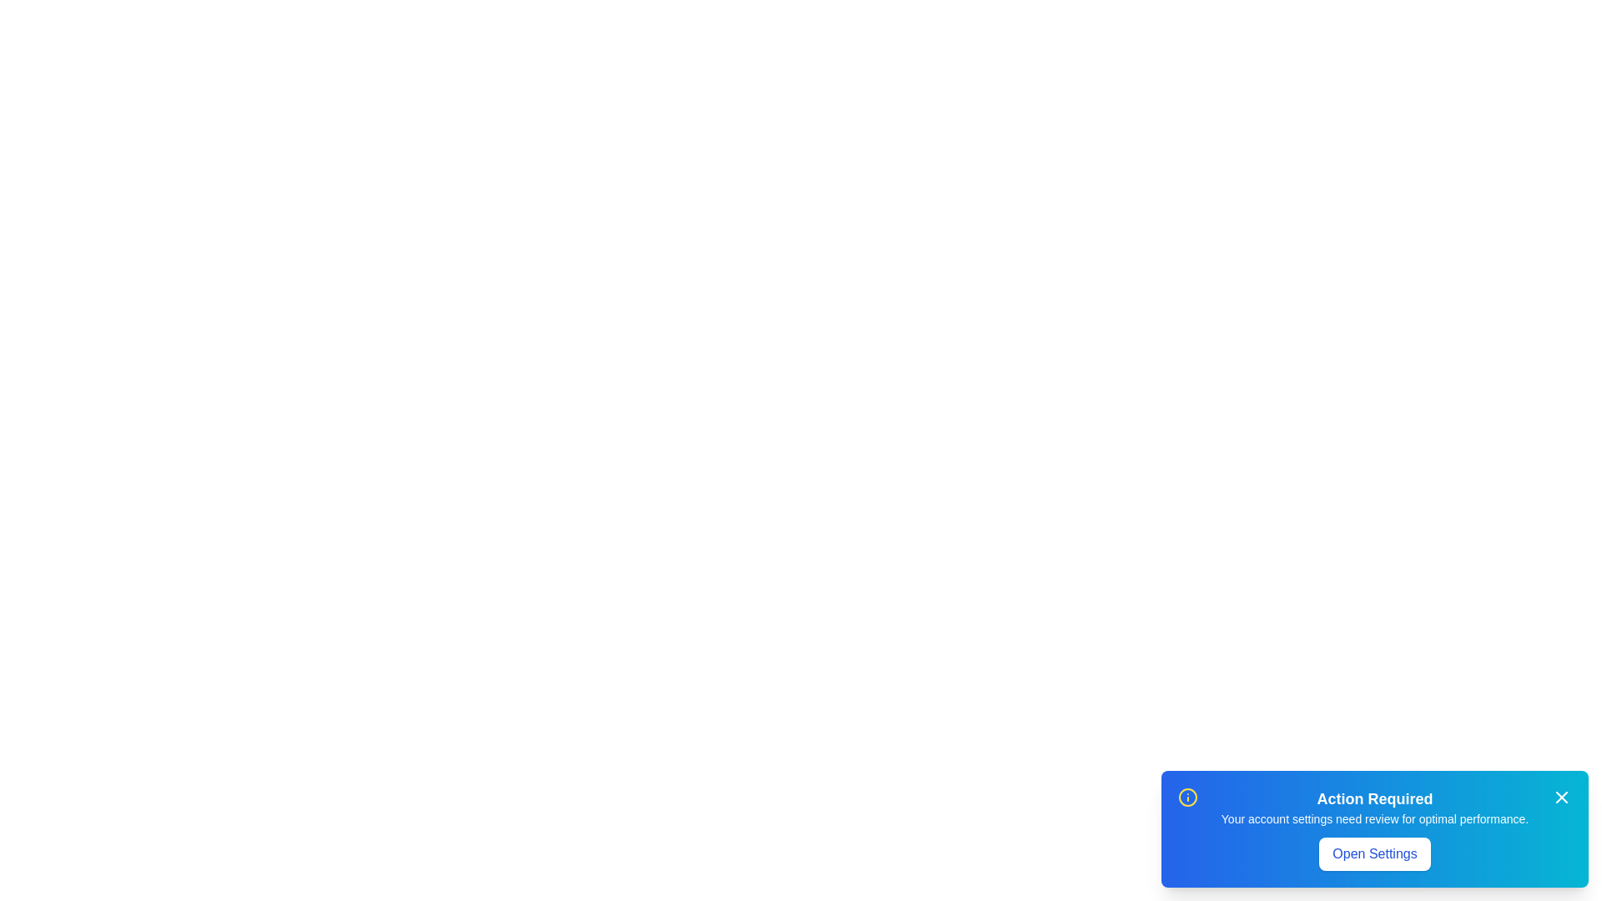  What do you see at coordinates (1561, 797) in the screenshot?
I see `the Close button element to observe hover effects` at bounding box center [1561, 797].